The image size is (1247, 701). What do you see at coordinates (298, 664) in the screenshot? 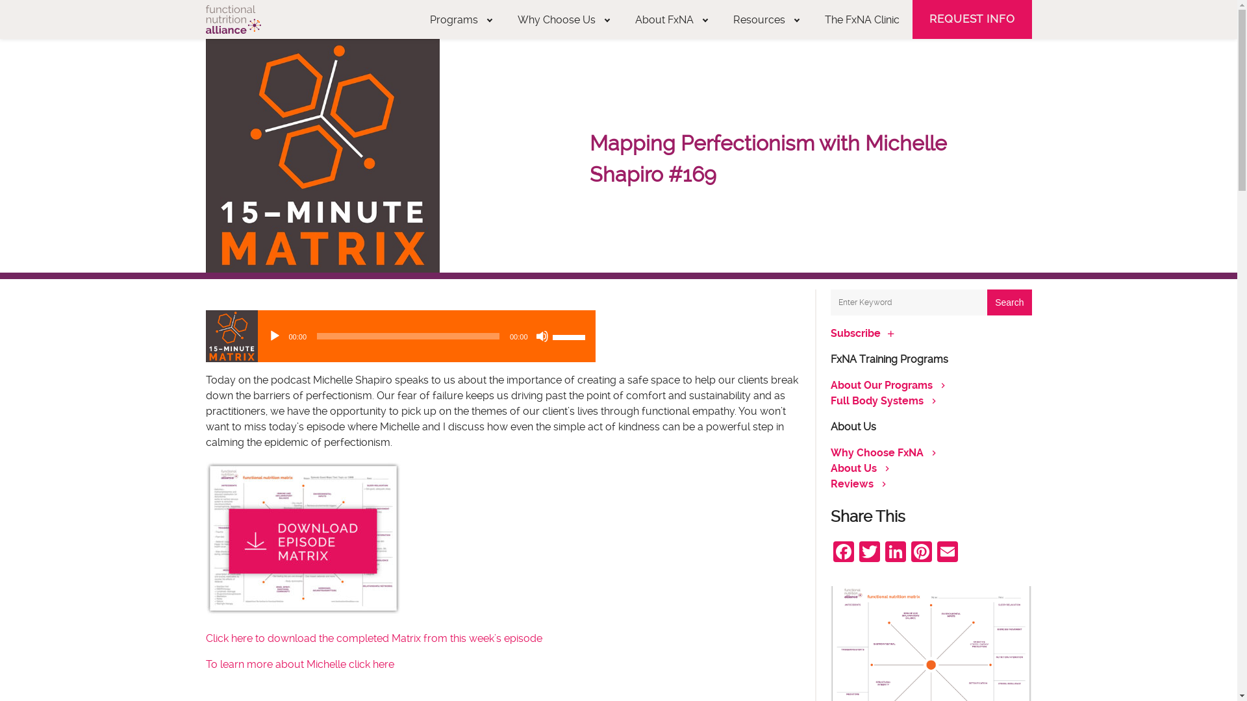
I see `'To learn more about Michelle click here'` at bounding box center [298, 664].